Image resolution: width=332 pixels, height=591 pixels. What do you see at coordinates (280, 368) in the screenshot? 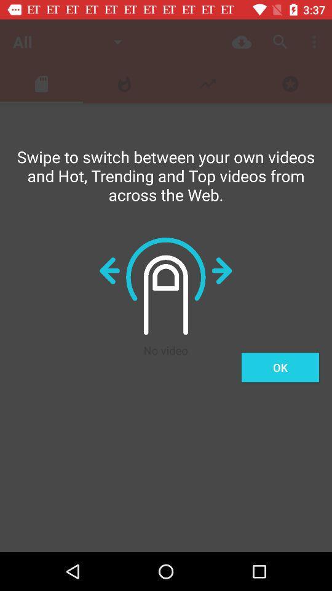
I see `the item on the right` at bounding box center [280, 368].